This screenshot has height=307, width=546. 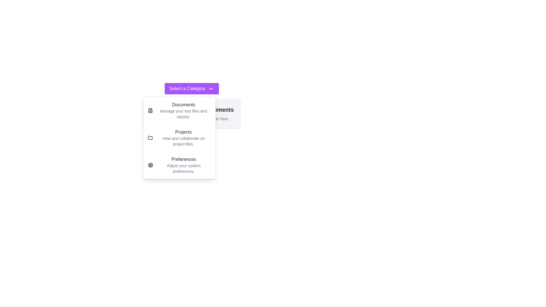 I want to click on the category Documents from the dropdown menu, so click(x=179, y=111).